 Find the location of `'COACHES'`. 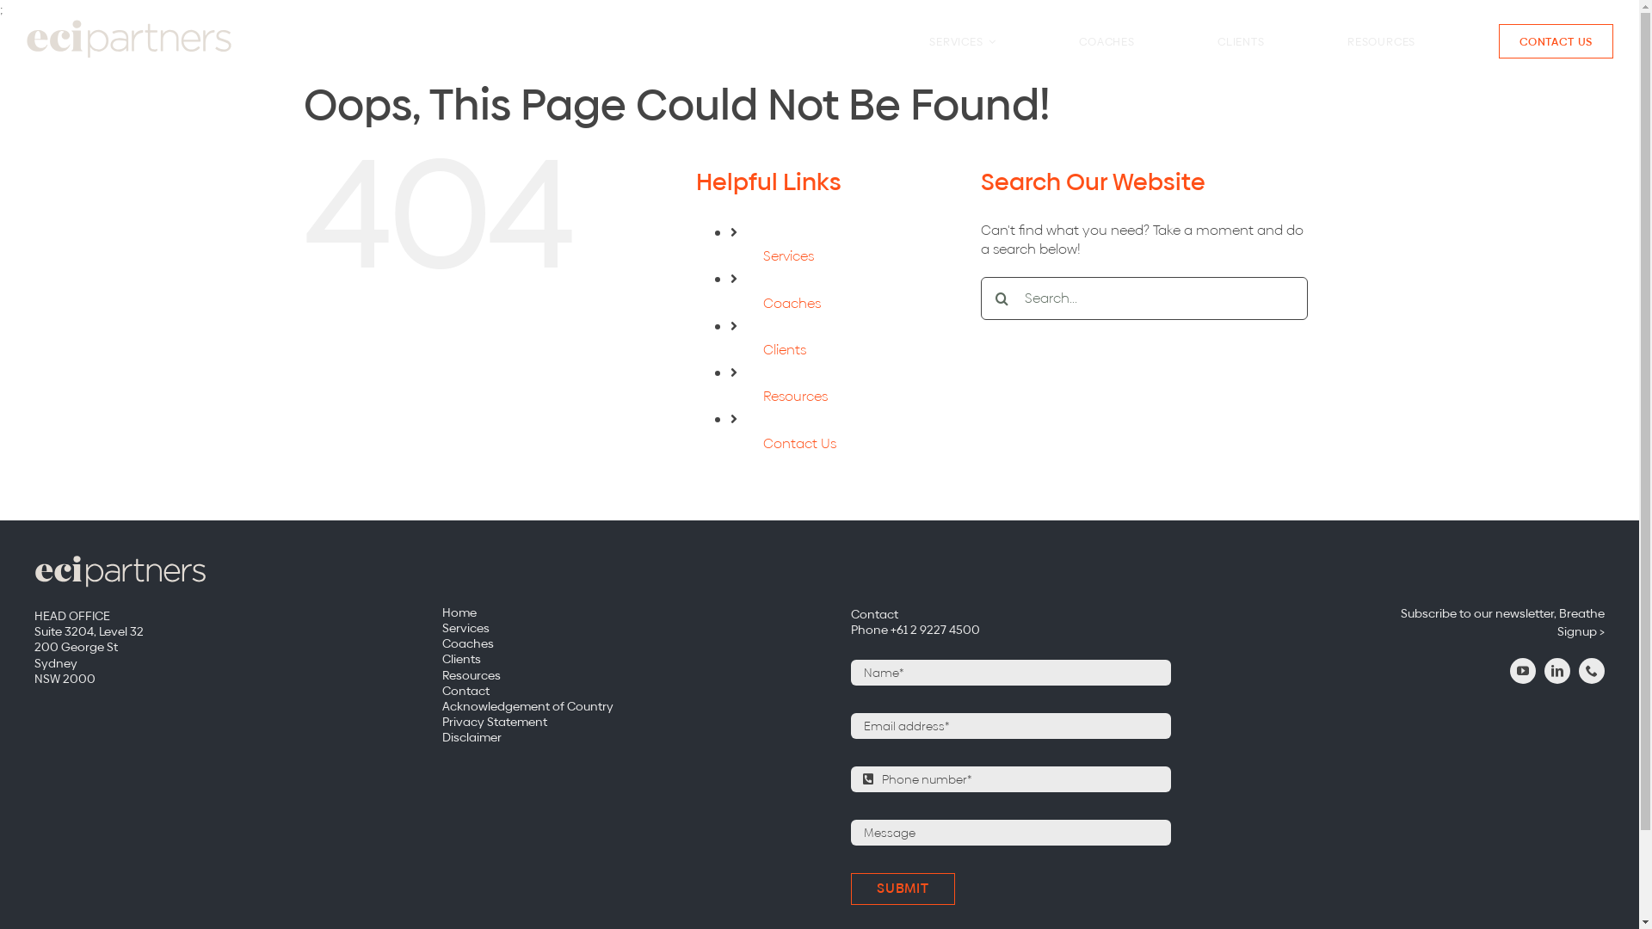

'COACHES' is located at coordinates (1106, 40).